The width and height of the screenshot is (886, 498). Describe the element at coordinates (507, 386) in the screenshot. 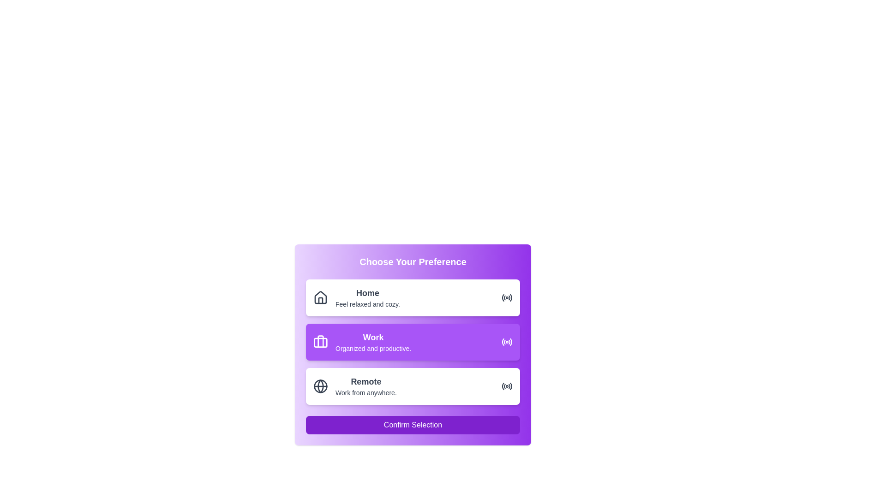

I see `the decorative indicator icon for the 'Remote' option, which is aligned horizontally with the text 'Remote' and its description 'Work from anywhere.'` at that location.